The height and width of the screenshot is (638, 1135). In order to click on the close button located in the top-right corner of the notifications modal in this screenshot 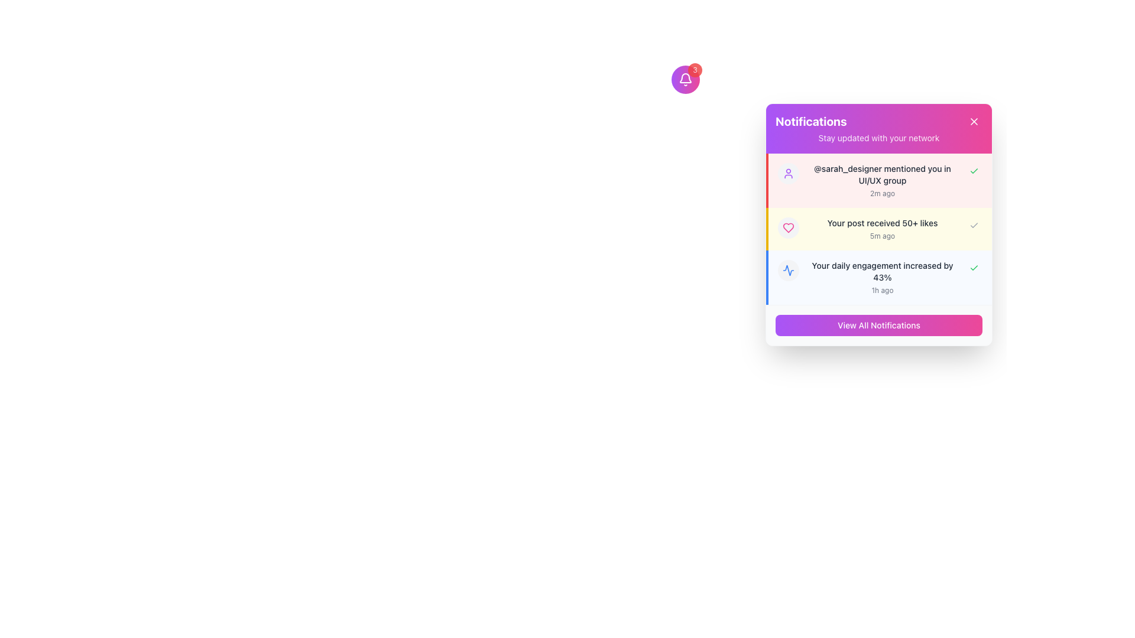, I will do `click(974, 121)`.